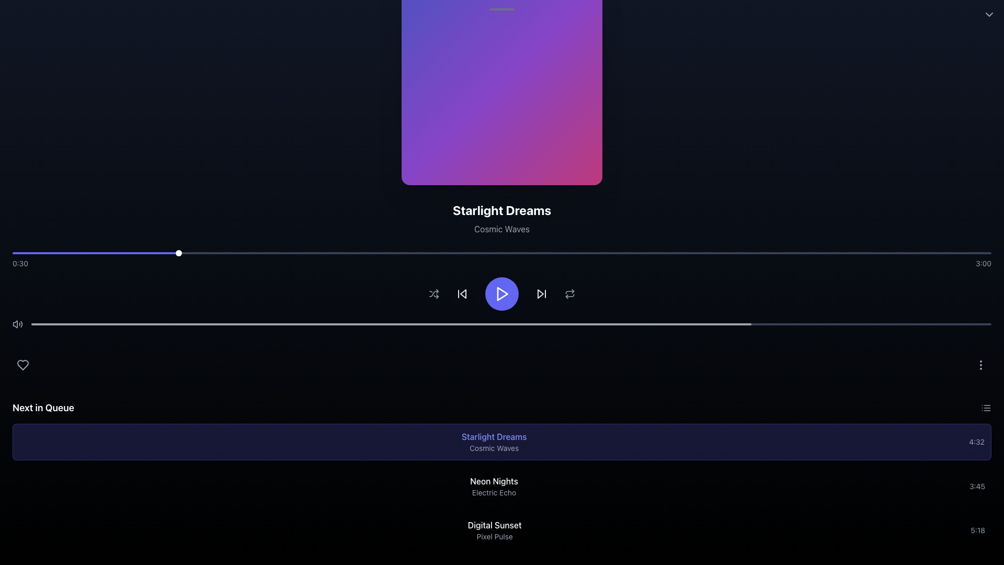 Image resolution: width=1004 pixels, height=565 pixels. Describe the element at coordinates (980, 365) in the screenshot. I see `the ellipsis vertical icon located in the bottom-right section of the interface` at that location.